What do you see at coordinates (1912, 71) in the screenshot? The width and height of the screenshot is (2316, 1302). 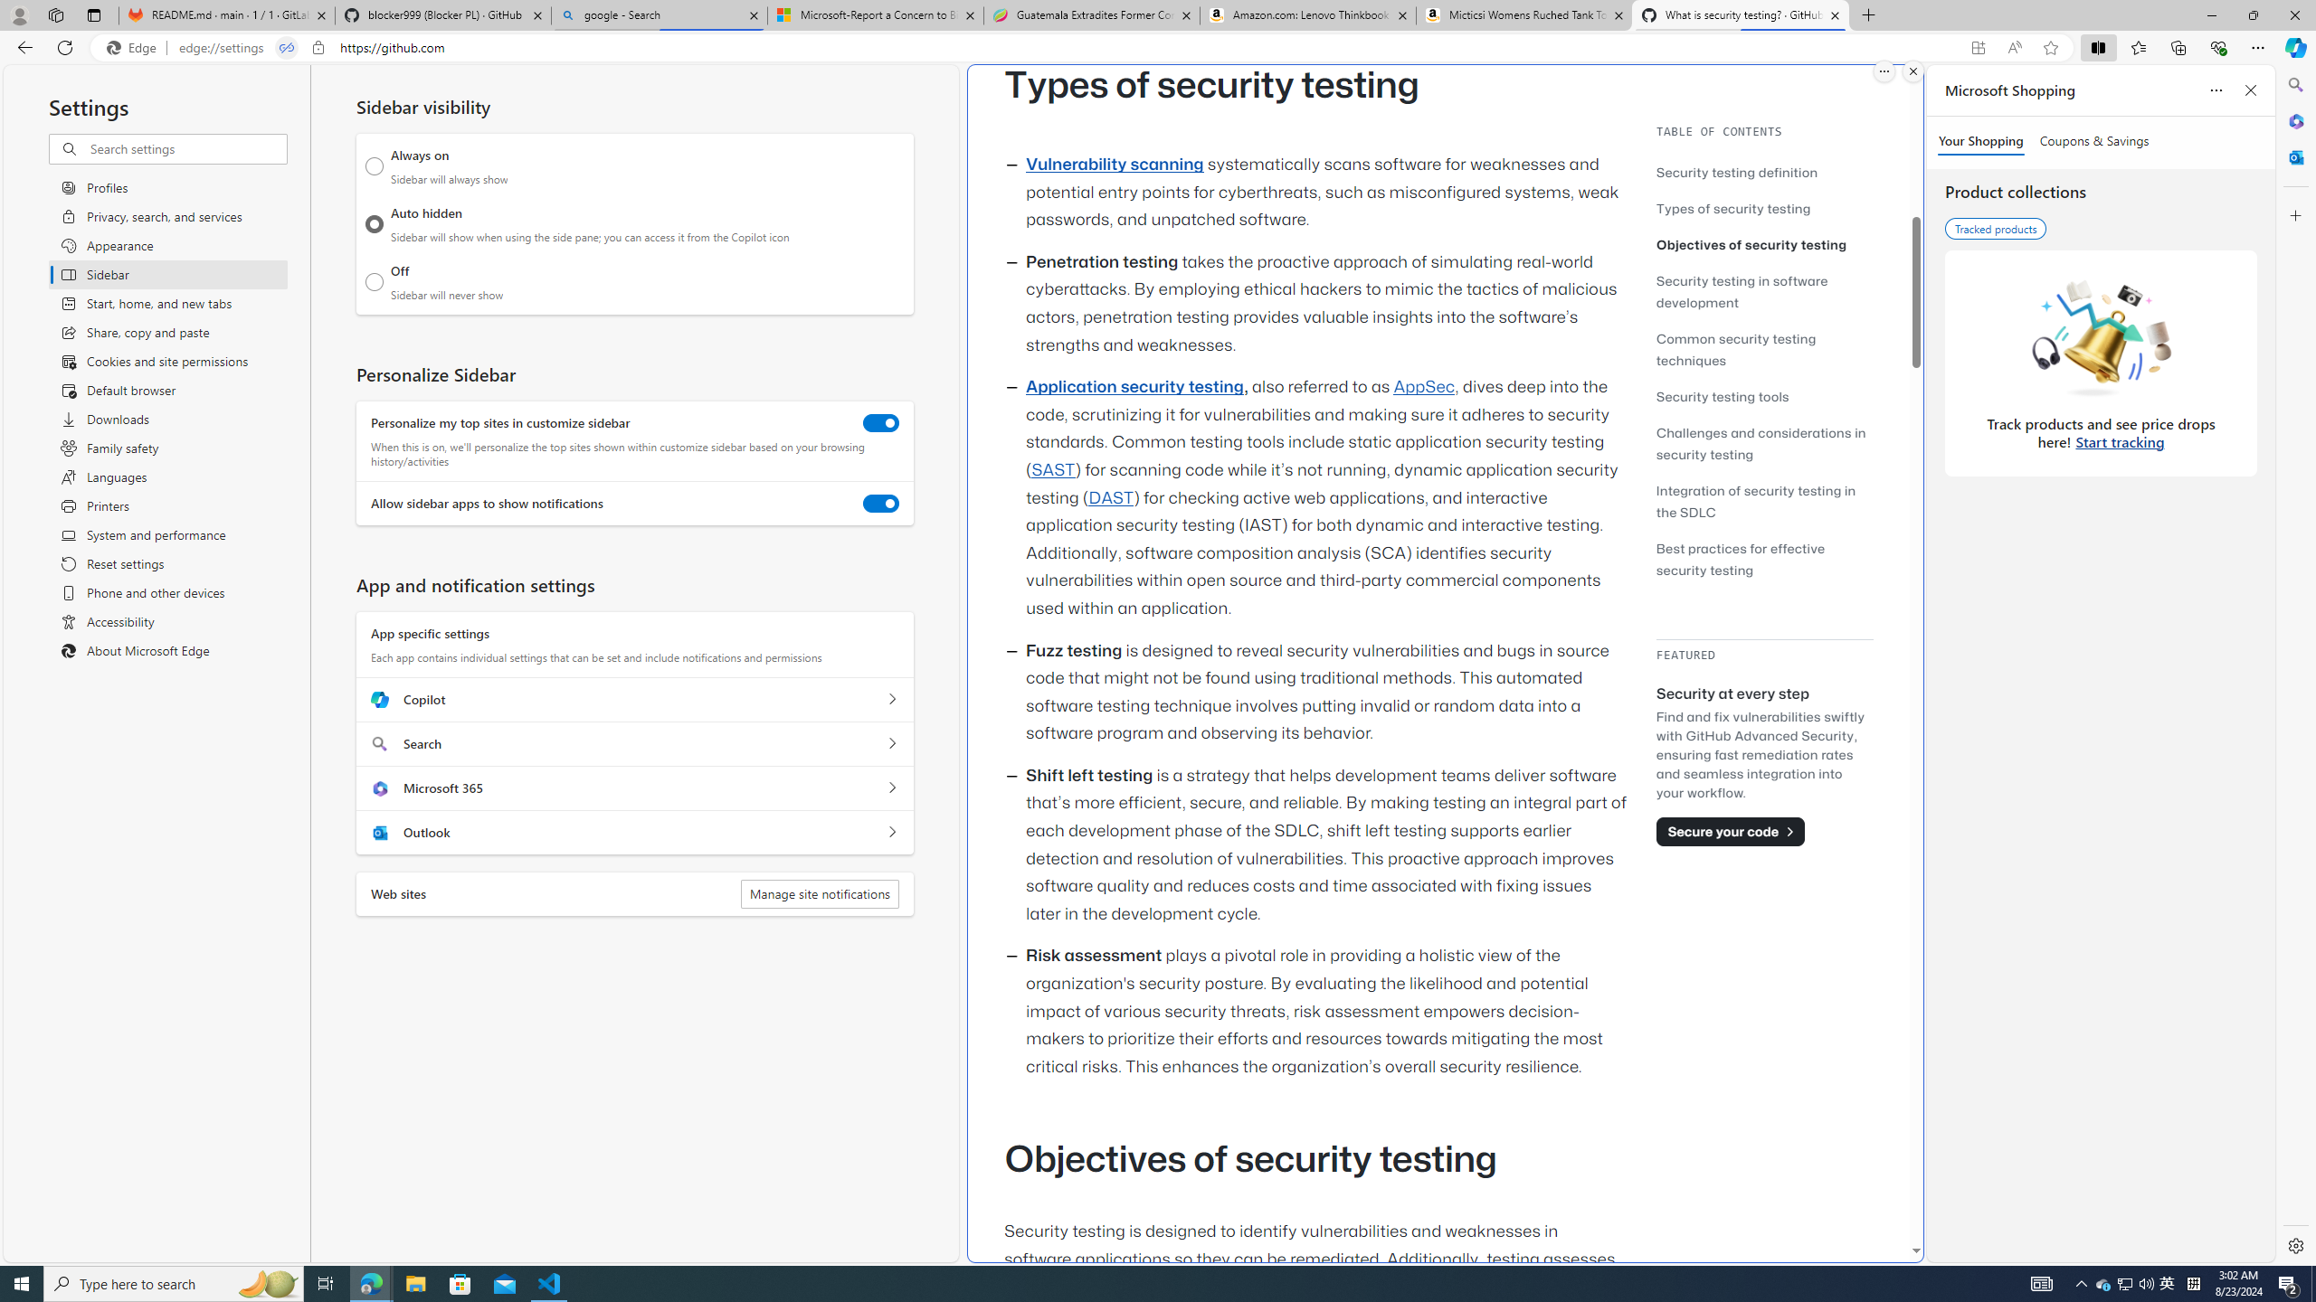 I see `'Close split screen.'` at bounding box center [1912, 71].